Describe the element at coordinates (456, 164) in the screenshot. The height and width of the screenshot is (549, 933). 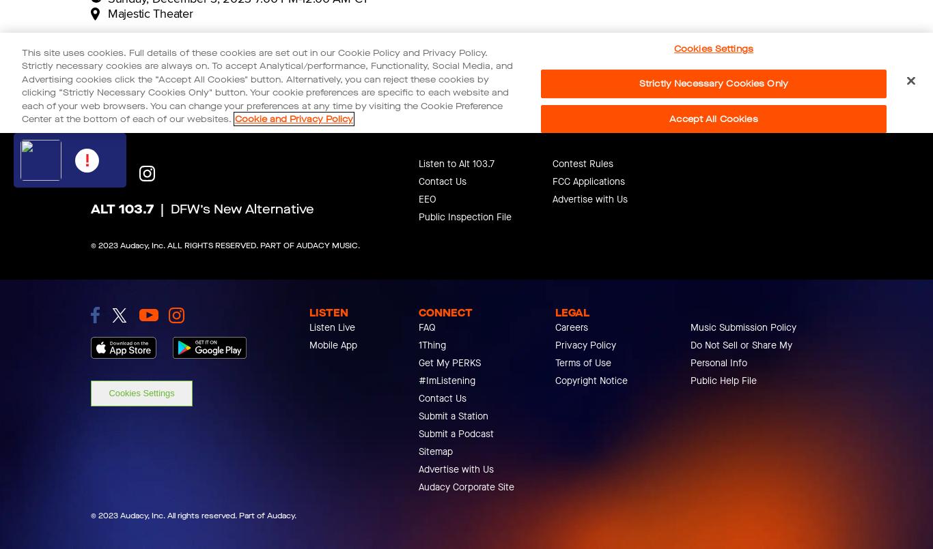
I see `'Listen to Alt 103.7'` at that location.